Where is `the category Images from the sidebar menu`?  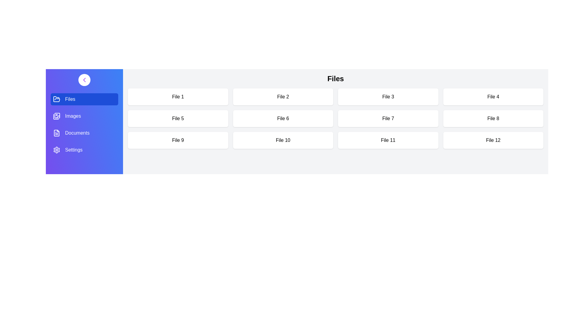
the category Images from the sidebar menu is located at coordinates (84, 116).